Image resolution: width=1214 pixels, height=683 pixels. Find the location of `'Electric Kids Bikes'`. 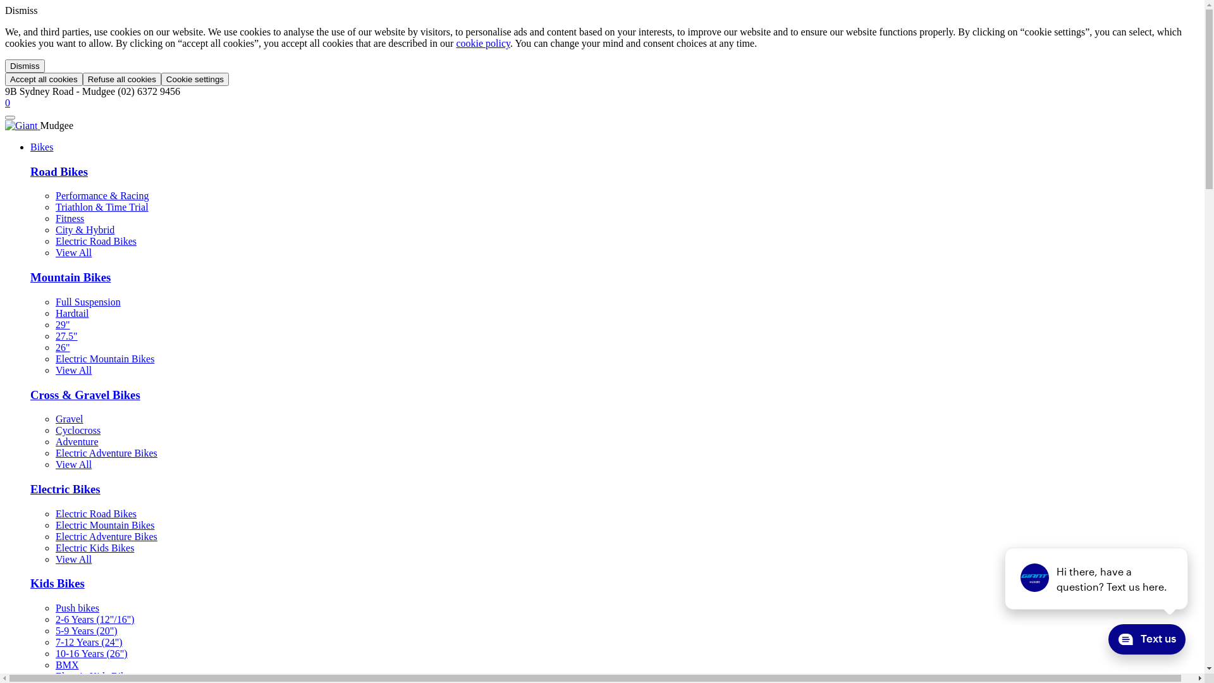

'Electric Kids Bikes' is located at coordinates (94, 547).